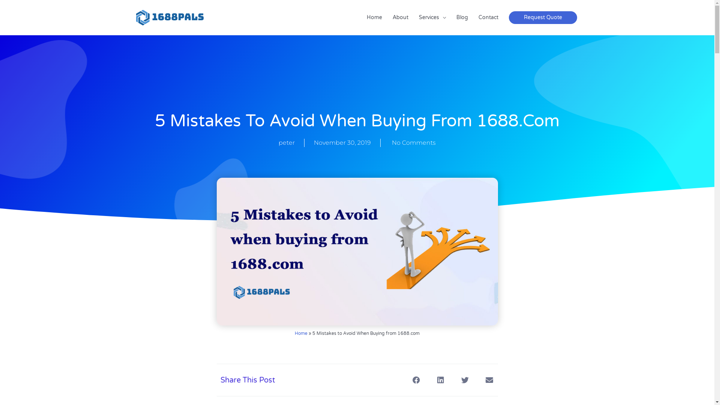 The height and width of the screenshot is (405, 720). Describe the element at coordinates (399, 17) in the screenshot. I see `'About'` at that location.